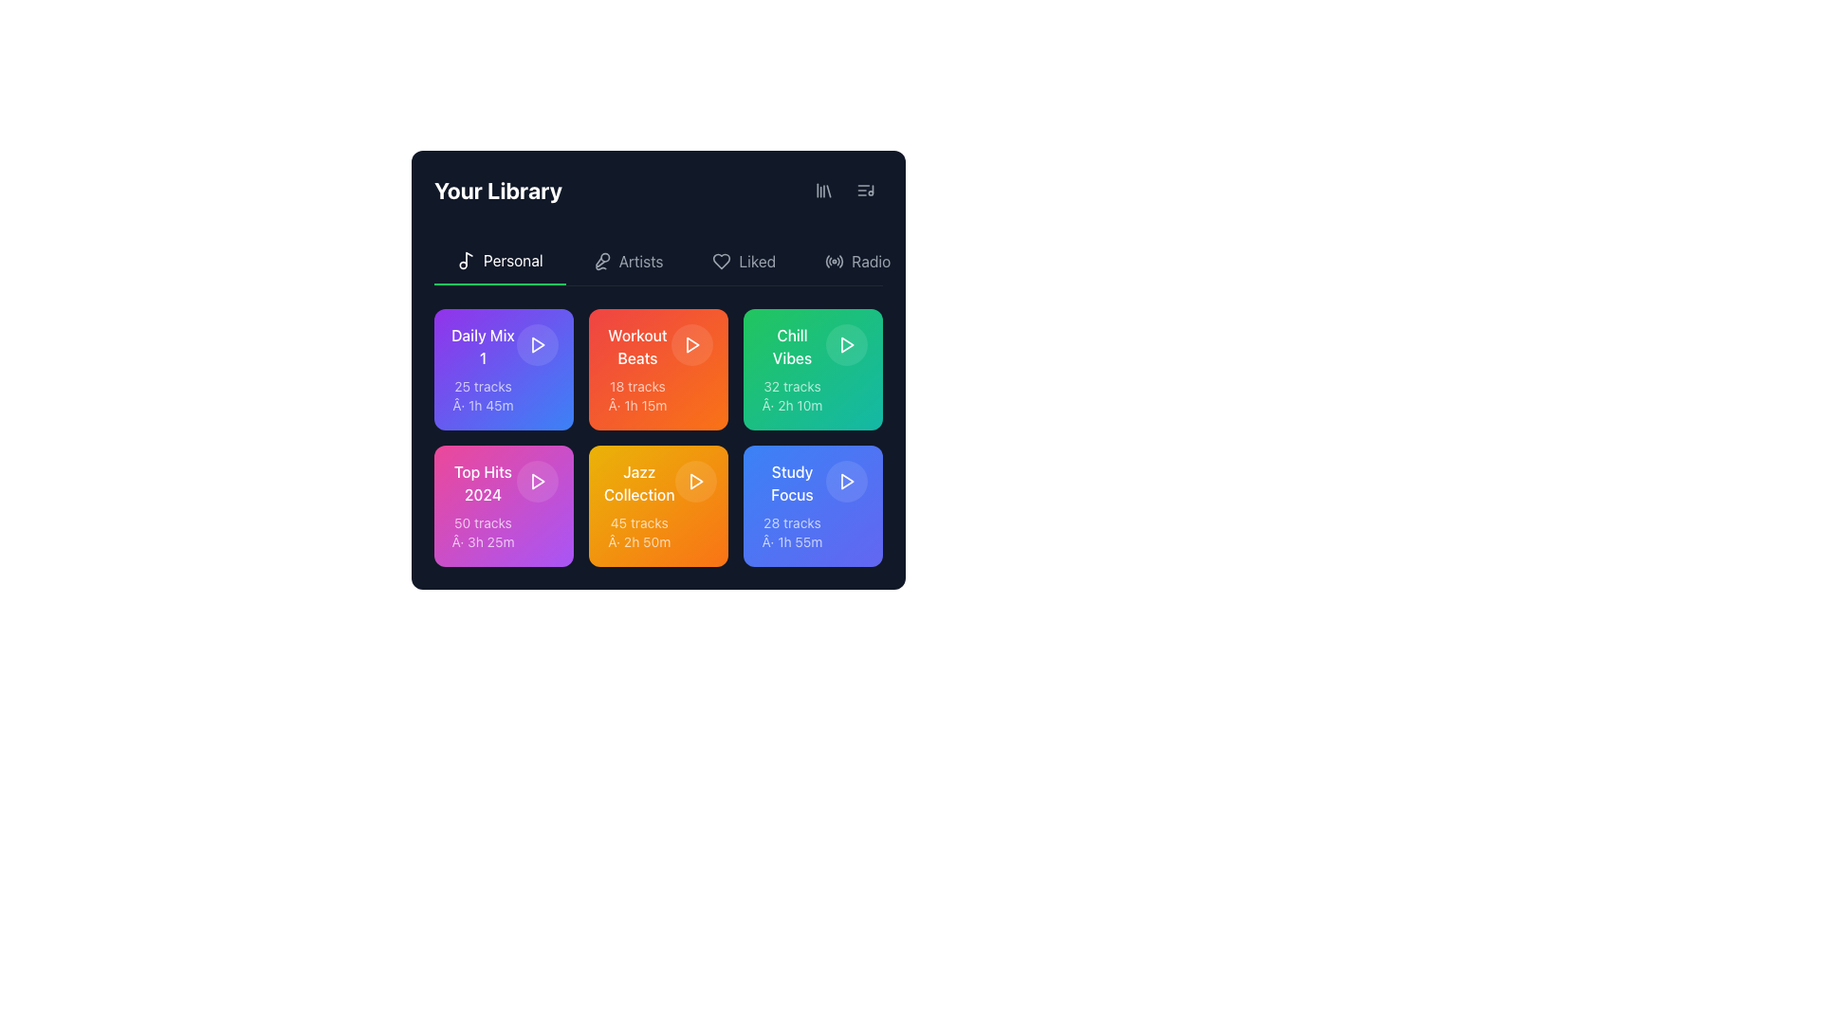 The height and width of the screenshot is (1024, 1821). Describe the element at coordinates (845, 481) in the screenshot. I see `the play button located at the center of the circular button` at that location.